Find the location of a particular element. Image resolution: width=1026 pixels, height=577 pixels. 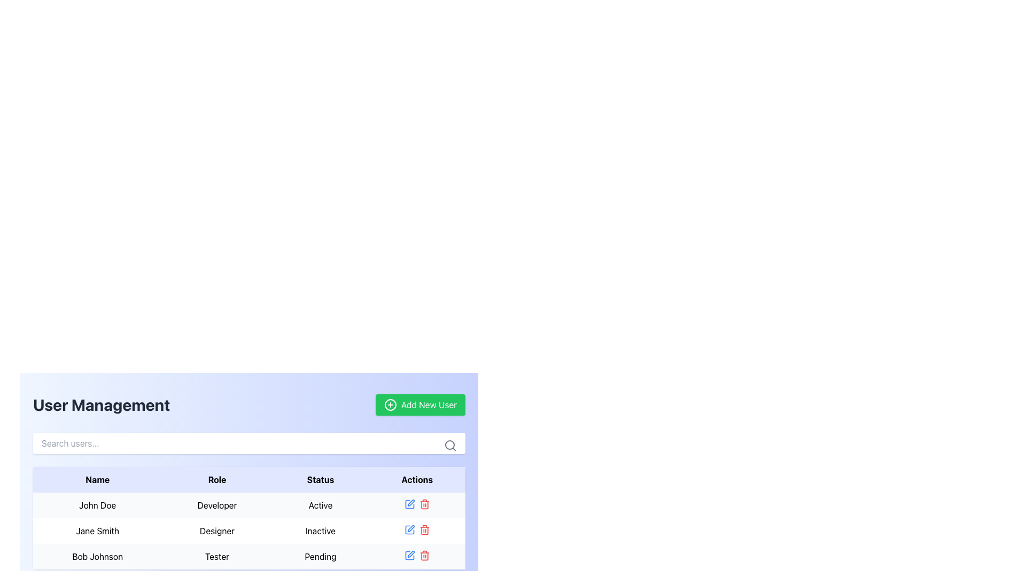

the user name text element located in the 'Name' column of the user management table is located at coordinates (97, 505).